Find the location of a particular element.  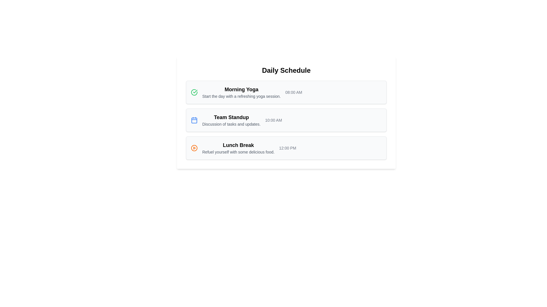

the text that provides a brief description about the 'Team Standup' activity, located below the 'Team Standup' text in the schedule is located at coordinates (231, 124).